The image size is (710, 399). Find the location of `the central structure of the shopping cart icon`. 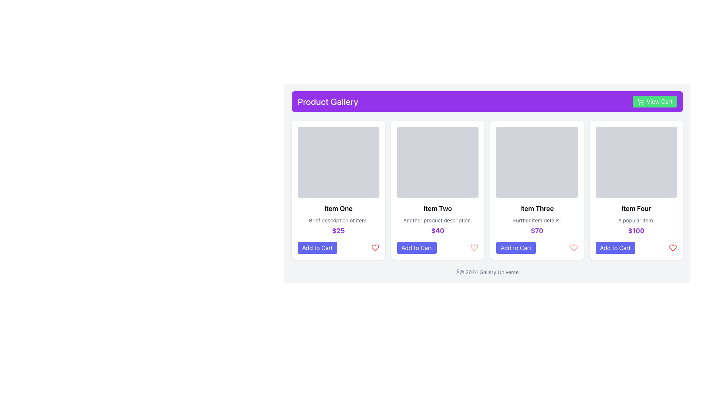

the central structure of the shopping cart icon is located at coordinates (640, 100).